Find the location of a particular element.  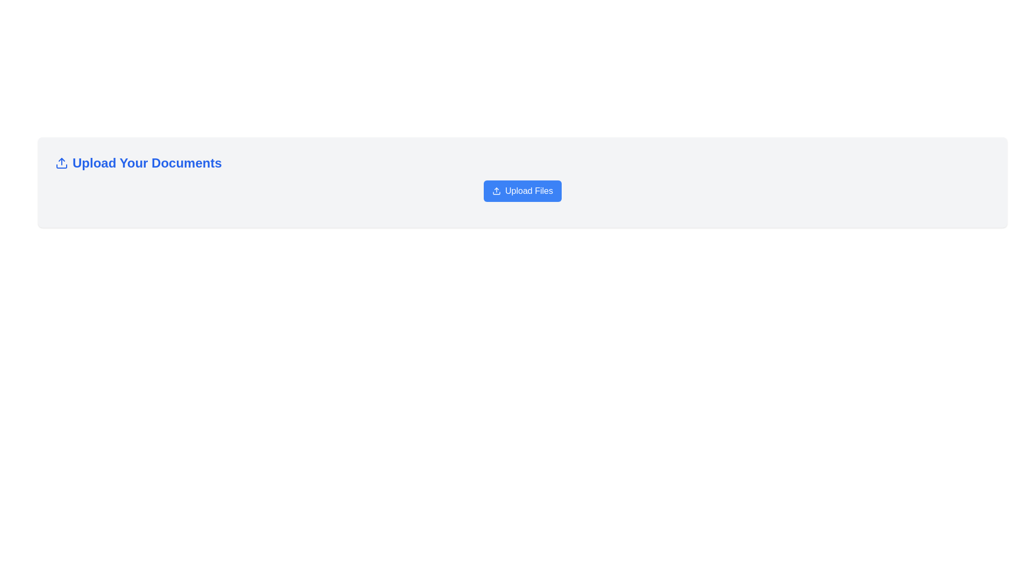

the upload icon located at the beginning of the 'Upload Your Documents' section, positioned to the left of the corresponding text is located at coordinates (61, 163).